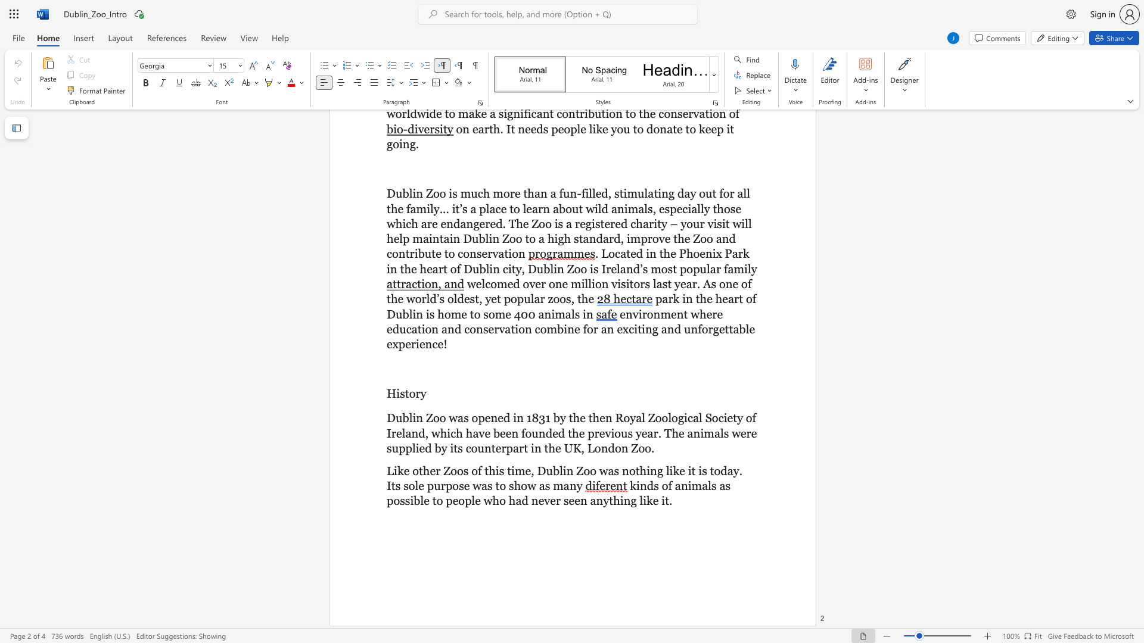 Image resolution: width=1144 pixels, height=643 pixels. Describe the element at coordinates (723, 433) in the screenshot. I see `the subset text "s we" within the text "Dublin Zoo was opened in 1831 by the then Royal Zoological Society of Ireland, which have been founded the previous year. The animals were supplied by its counterpart in the UK, London Zoo."` at that location.